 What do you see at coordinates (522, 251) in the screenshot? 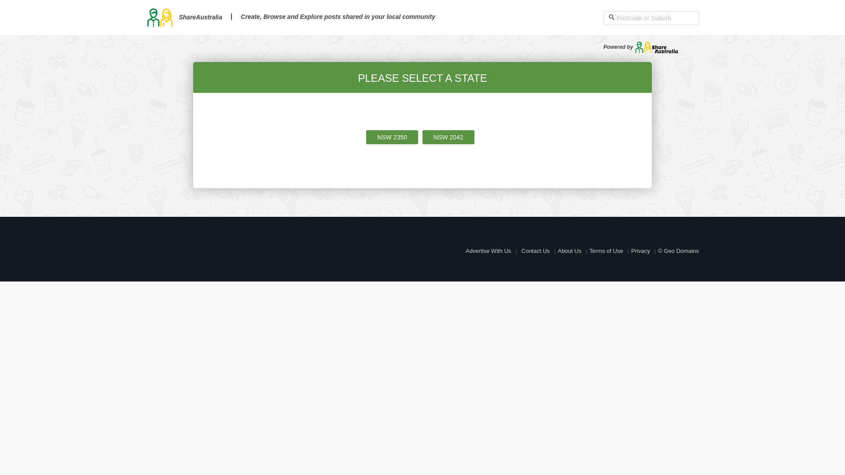
I see `'Contact Us'` at bounding box center [522, 251].